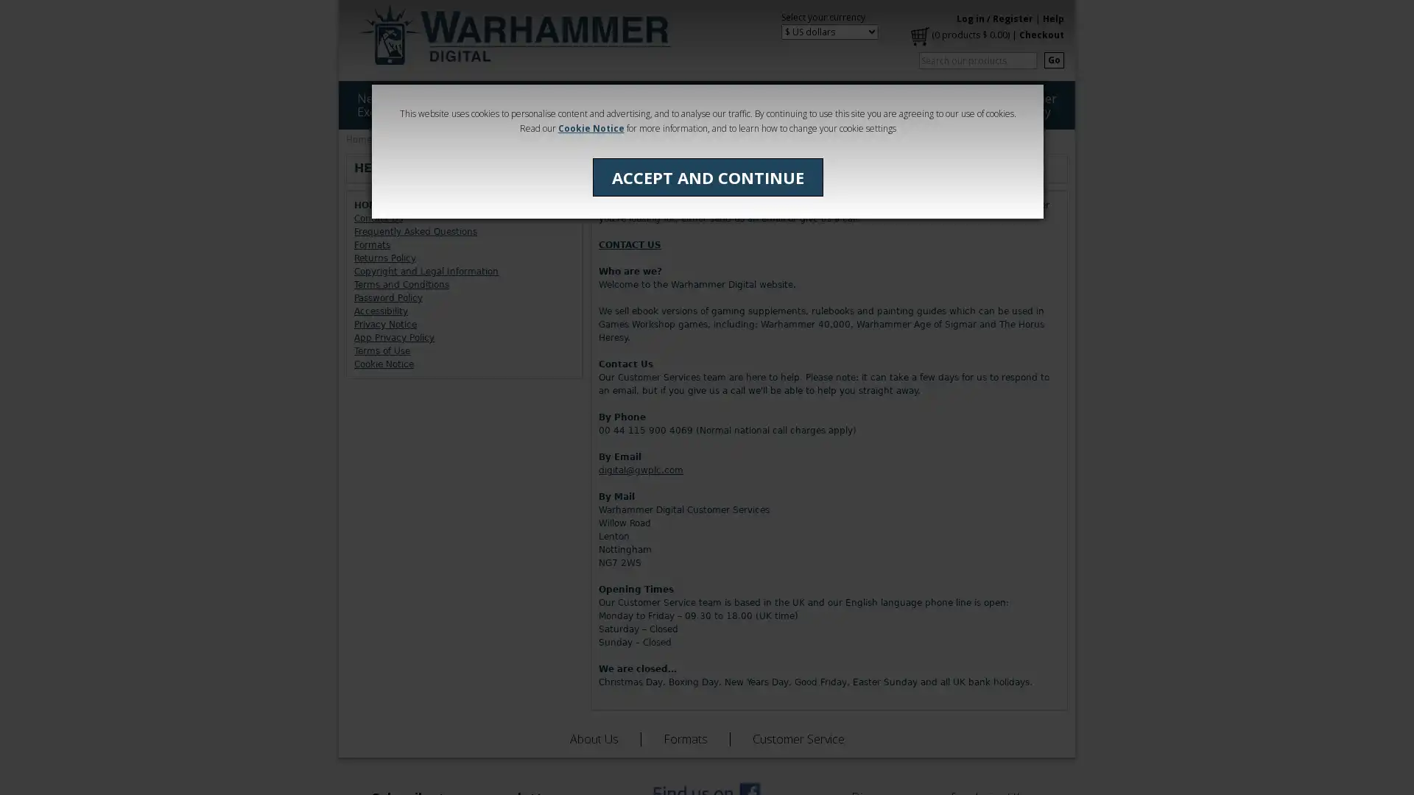 Image resolution: width=1414 pixels, height=795 pixels. Describe the element at coordinates (1053, 59) in the screenshot. I see `Go` at that location.